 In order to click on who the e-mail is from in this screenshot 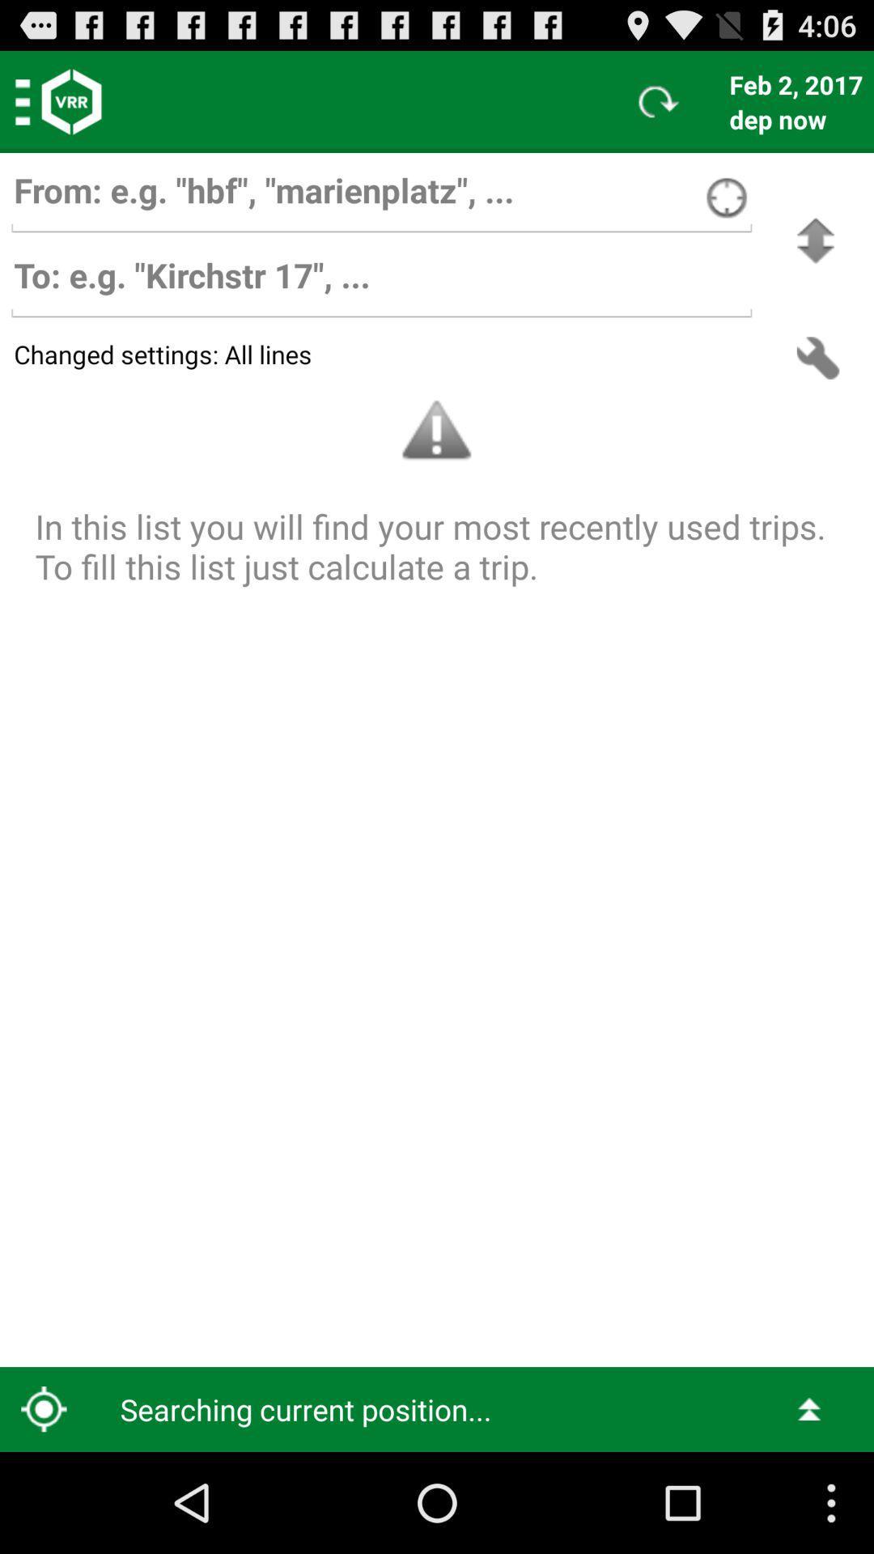, I will do `click(381, 197)`.